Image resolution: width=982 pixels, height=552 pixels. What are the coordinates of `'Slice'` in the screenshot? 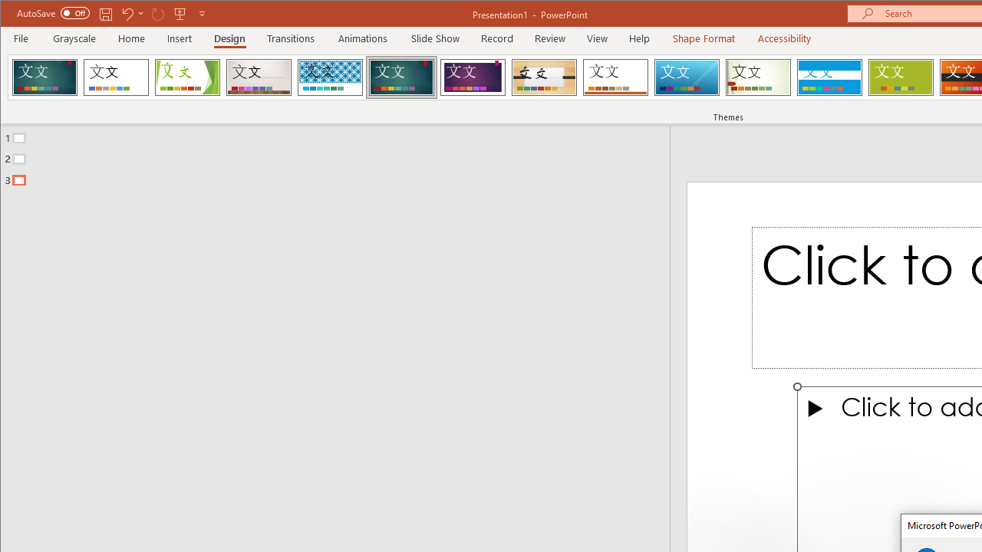 It's located at (686, 77).